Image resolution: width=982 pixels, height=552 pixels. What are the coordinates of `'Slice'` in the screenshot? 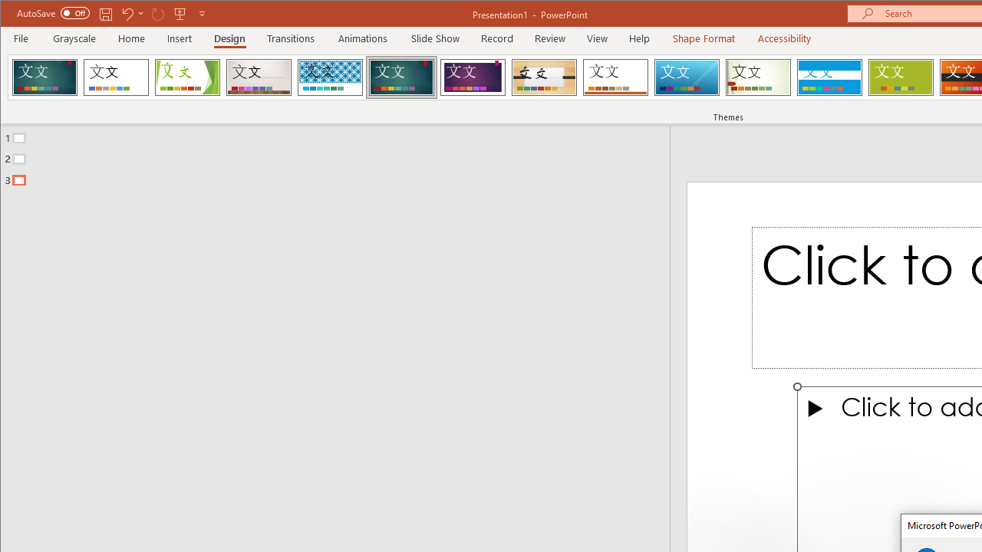 It's located at (686, 77).